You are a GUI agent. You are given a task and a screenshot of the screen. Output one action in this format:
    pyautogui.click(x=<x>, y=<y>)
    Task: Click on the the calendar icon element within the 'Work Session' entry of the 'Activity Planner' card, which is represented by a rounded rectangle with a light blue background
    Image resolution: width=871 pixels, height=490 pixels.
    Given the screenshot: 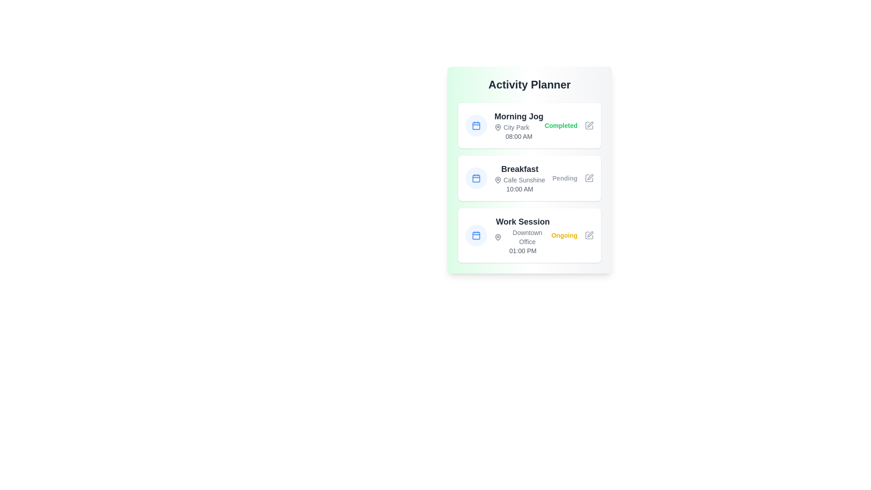 What is the action you would take?
    pyautogui.click(x=476, y=235)
    